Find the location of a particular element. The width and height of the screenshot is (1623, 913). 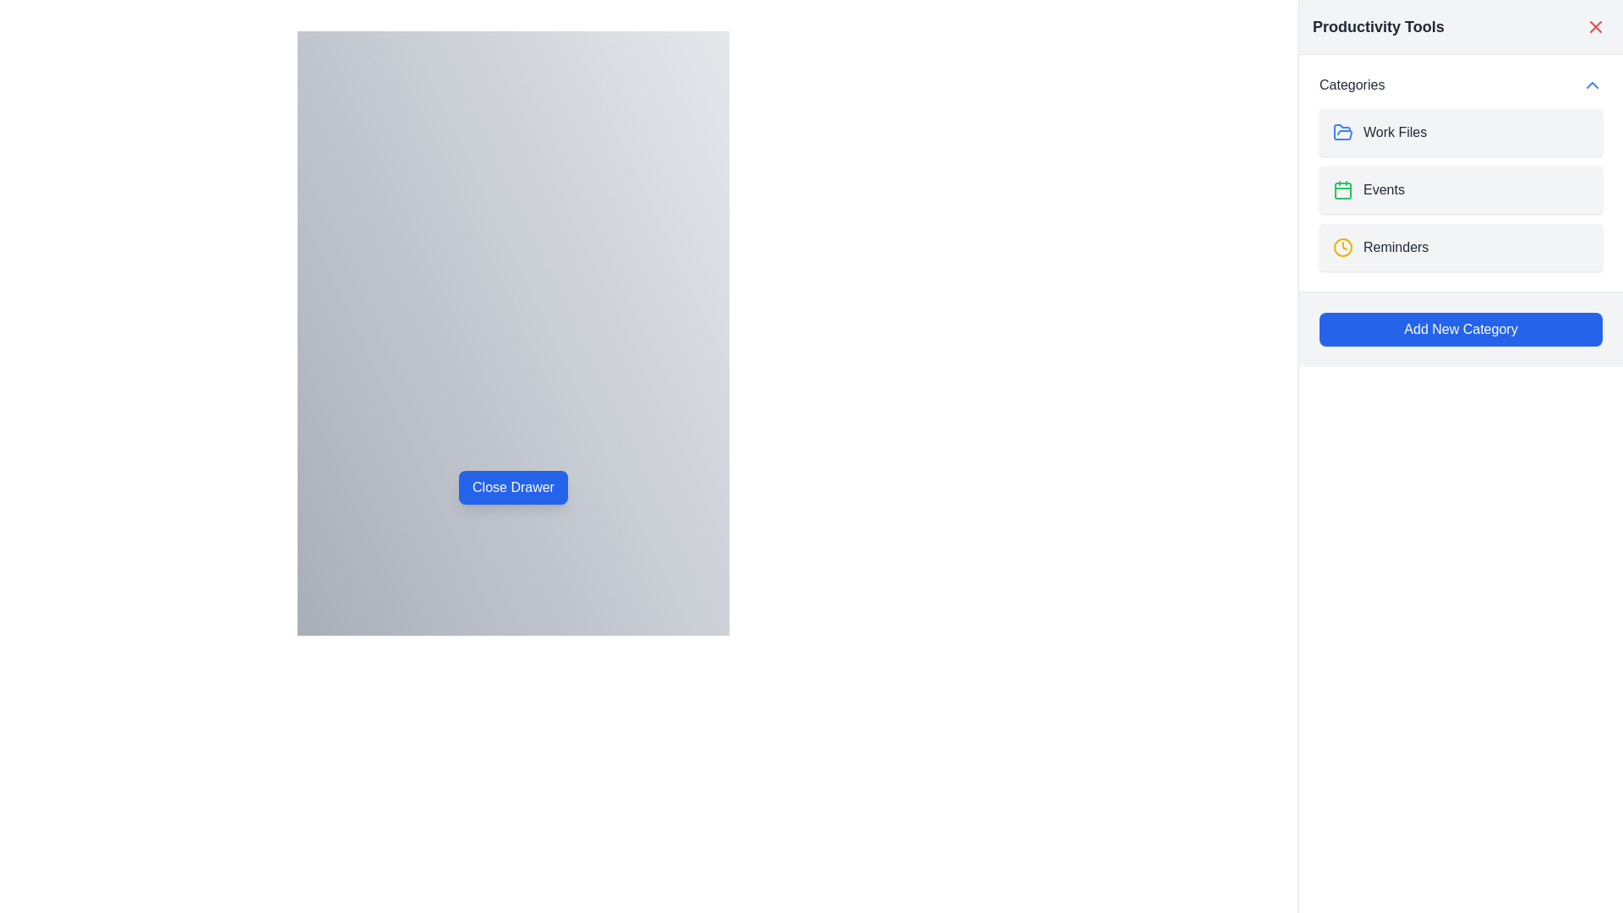

the second item in the vertical list labeled 'Events' within the 'Productivity Tools' sidebar is located at coordinates (1460, 189).